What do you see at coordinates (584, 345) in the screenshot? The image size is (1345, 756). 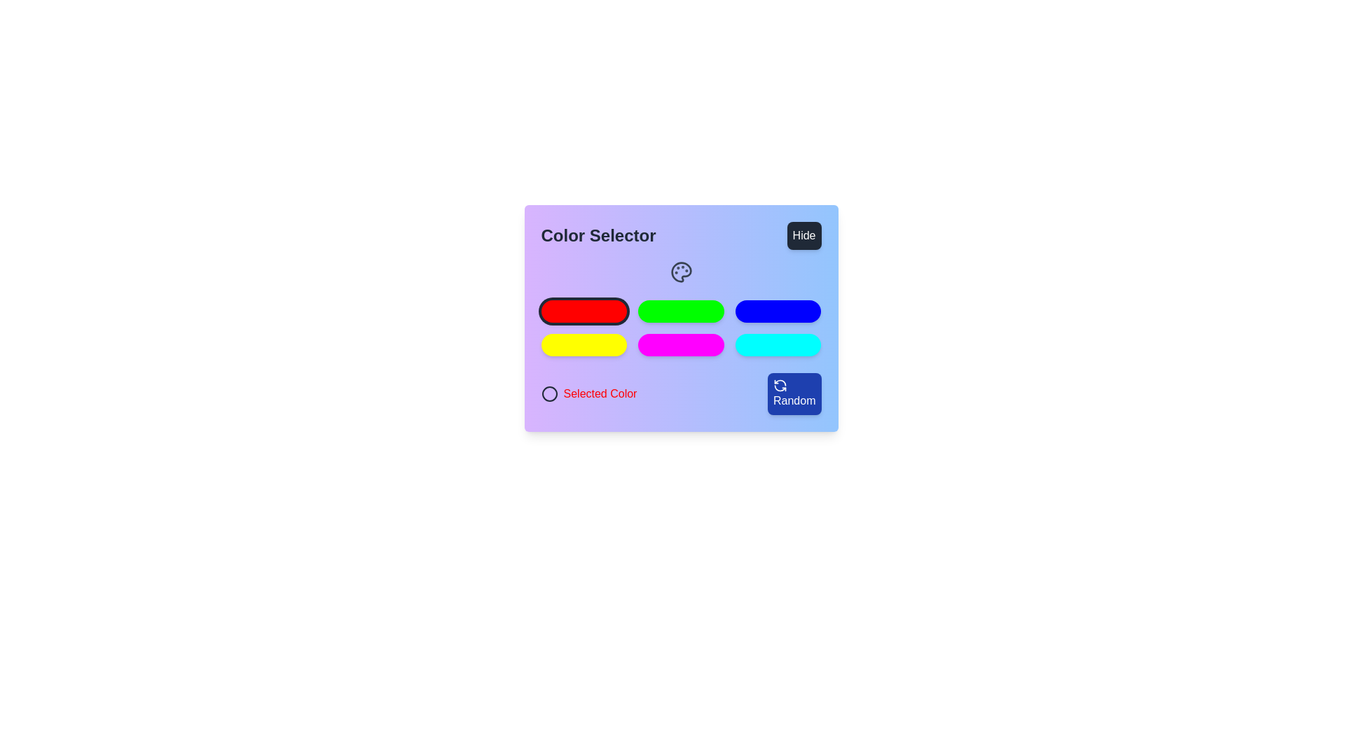 I see `the yellow button located in the bottom-left corner of the grid` at bounding box center [584, 345].